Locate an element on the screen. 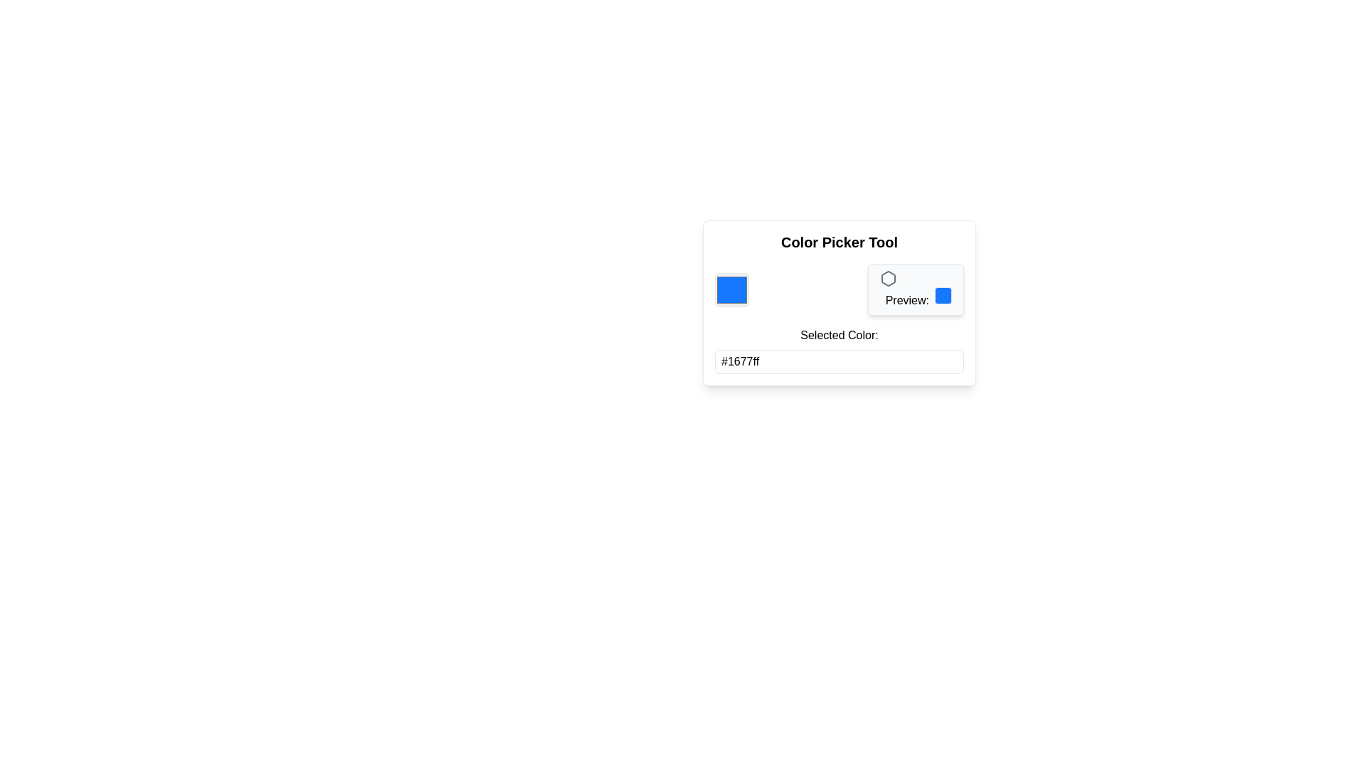  the label displaying 'Selected Color:' which is situated below the main color selection area, above the text input for color value is located at coordinates (840, 335).